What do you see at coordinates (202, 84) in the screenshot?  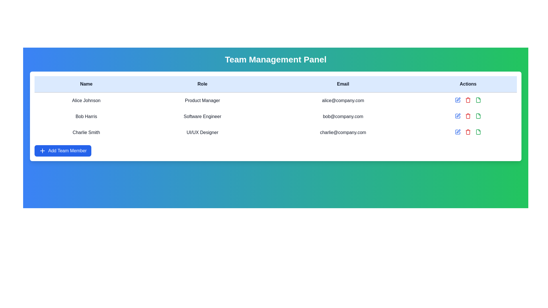 I see `the 'Role' table header cell, which is styled with a light blue background and black text, located in the second column of the table under the 'Team Management Panel'` at bounding box center [202, 84].